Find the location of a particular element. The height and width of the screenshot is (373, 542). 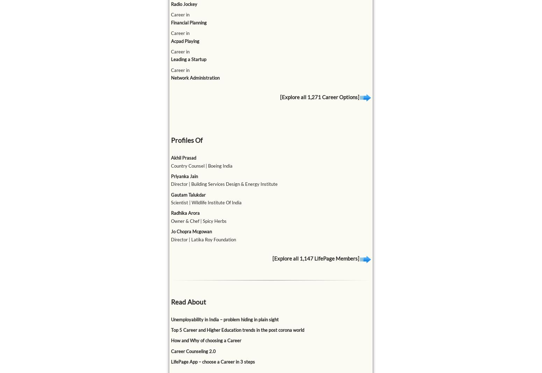

'Radhika Arora' is located at coordinates (185, 213).